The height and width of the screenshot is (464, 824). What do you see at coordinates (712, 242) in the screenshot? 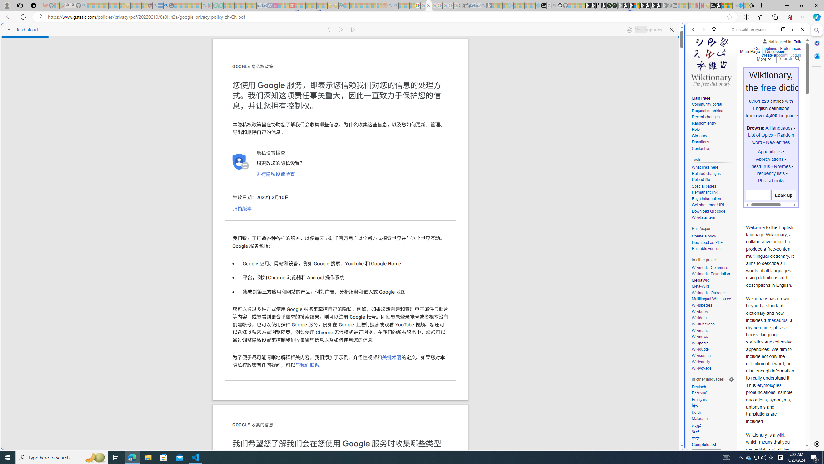
I see `'Download as PDF'` at bounding box center [712, 242].